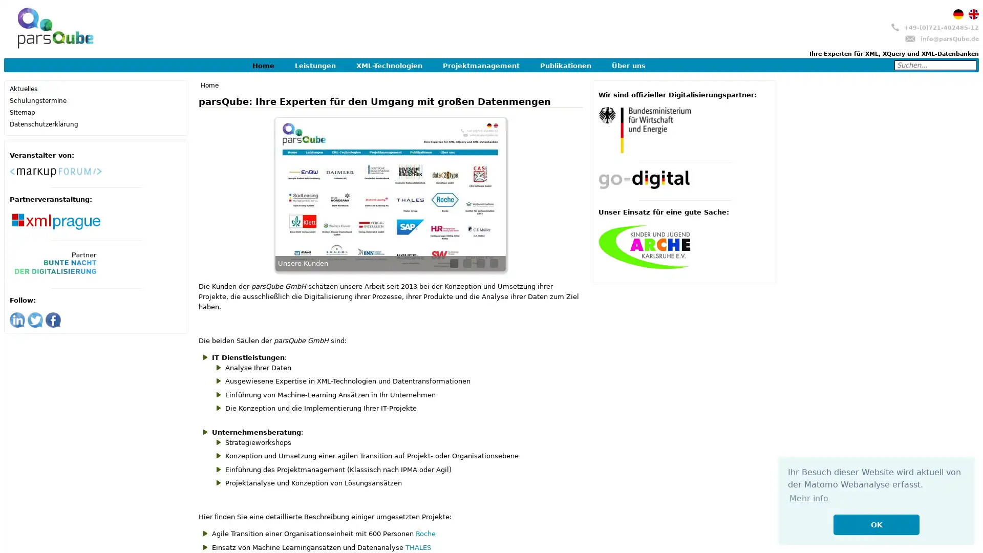 The height and width of the screenshot is (553, 983). What do you see at coordinates (808, 498) in the screenshot?
I see `learn more about cookies` at bounding box center [808, 498].